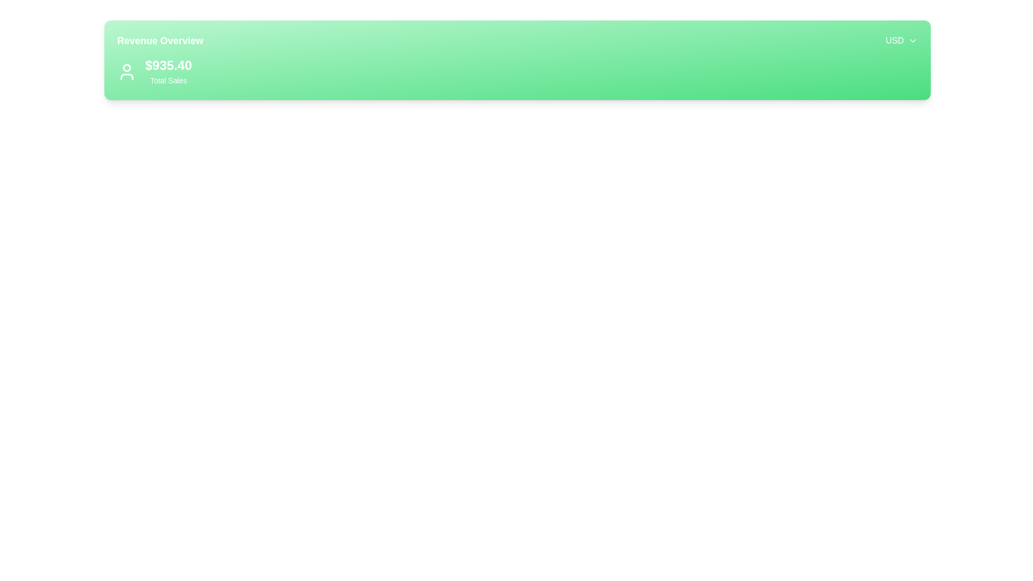 This screenshot has width=1033, height=581. I want to click on the 'Total Sales' text label, which is styled in white on a green background and is positioned below the monetary value '$935.40', so click(168, 80).